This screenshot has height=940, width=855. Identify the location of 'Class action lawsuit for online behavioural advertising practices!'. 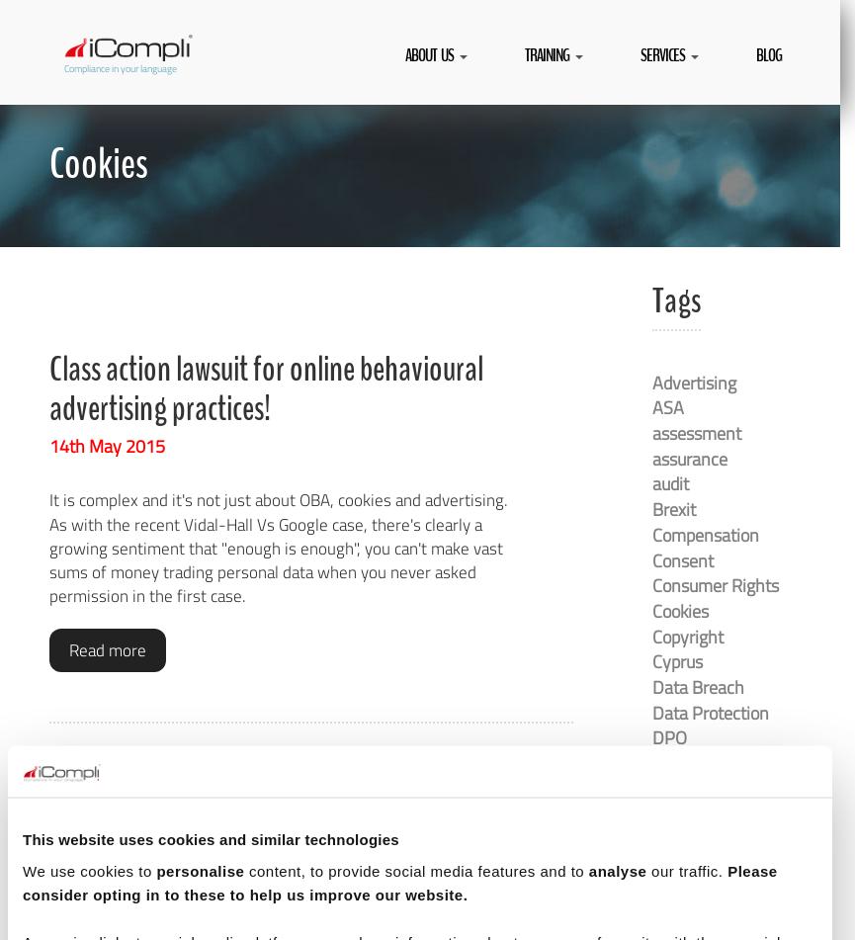
(48, 387).